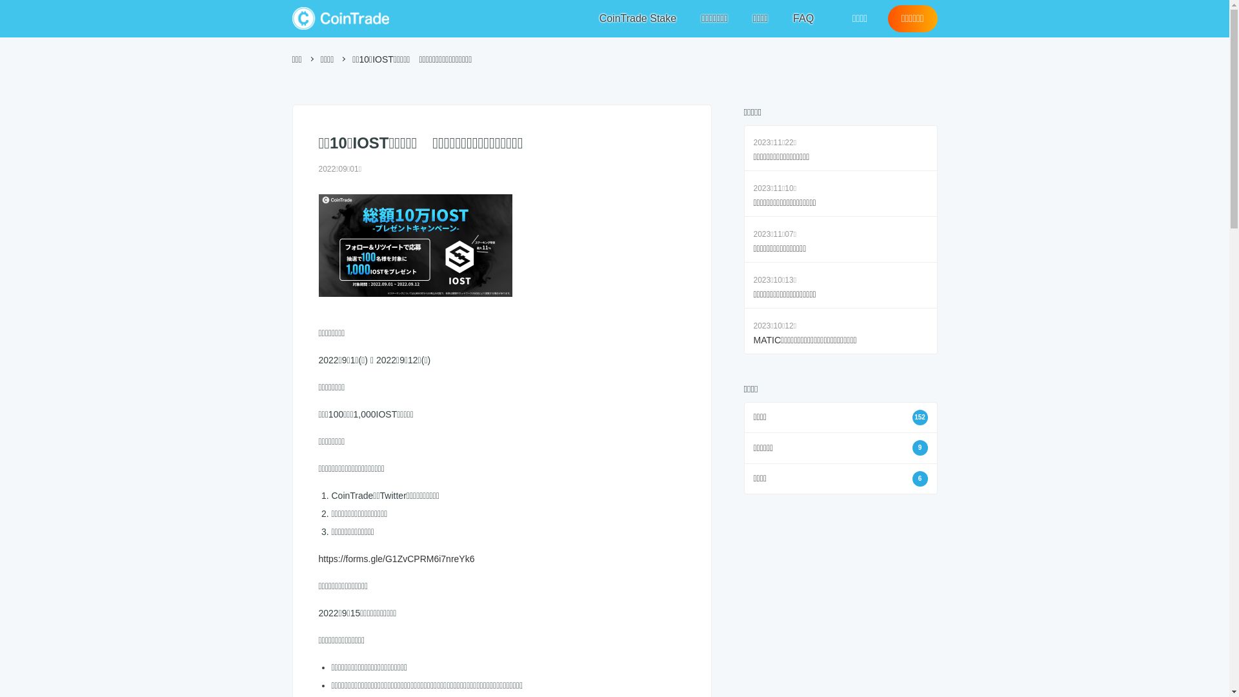 Image resolution: width=1239 pixels, height=697 pixels. I want to click on 'CoinTrade', so click(340, 18).